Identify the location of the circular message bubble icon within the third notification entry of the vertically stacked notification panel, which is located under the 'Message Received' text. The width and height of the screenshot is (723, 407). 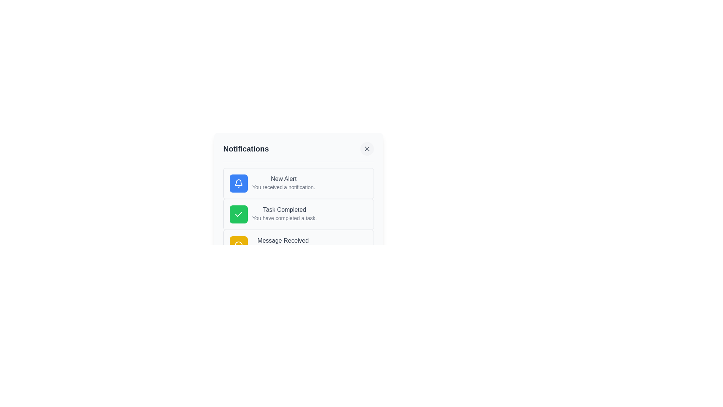
(238, 245).